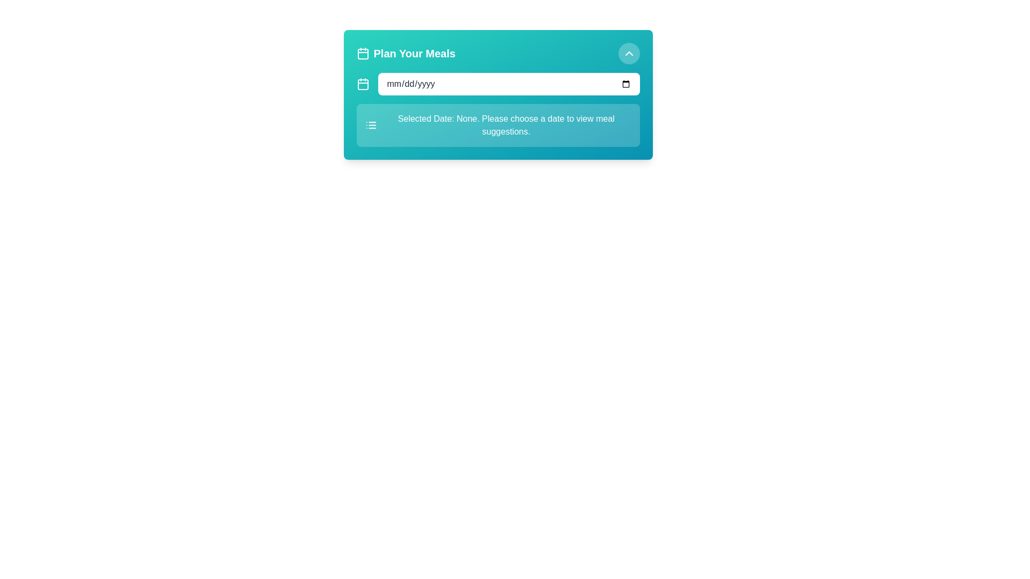 The image size is (1030, 579). I want to click on the decorative rectangle within the calendar icon located to the left of the 'mm/dd/yyyy' input field on the 'Plan Your Meals' card, so click(363, 84).